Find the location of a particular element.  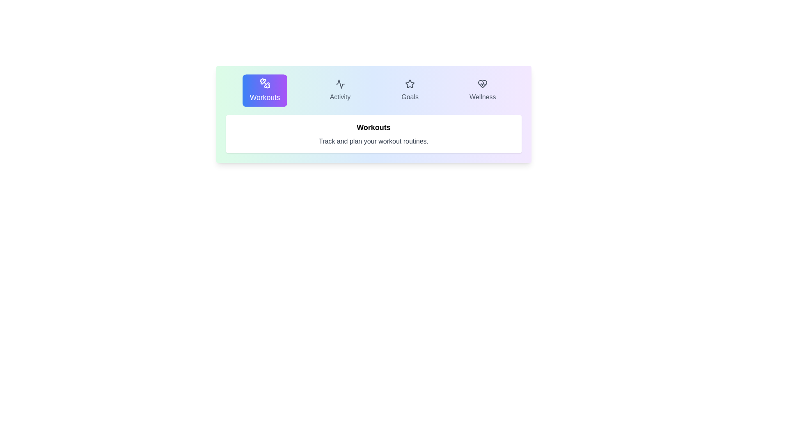

the Wellness button is located at coordinates (483, 84).